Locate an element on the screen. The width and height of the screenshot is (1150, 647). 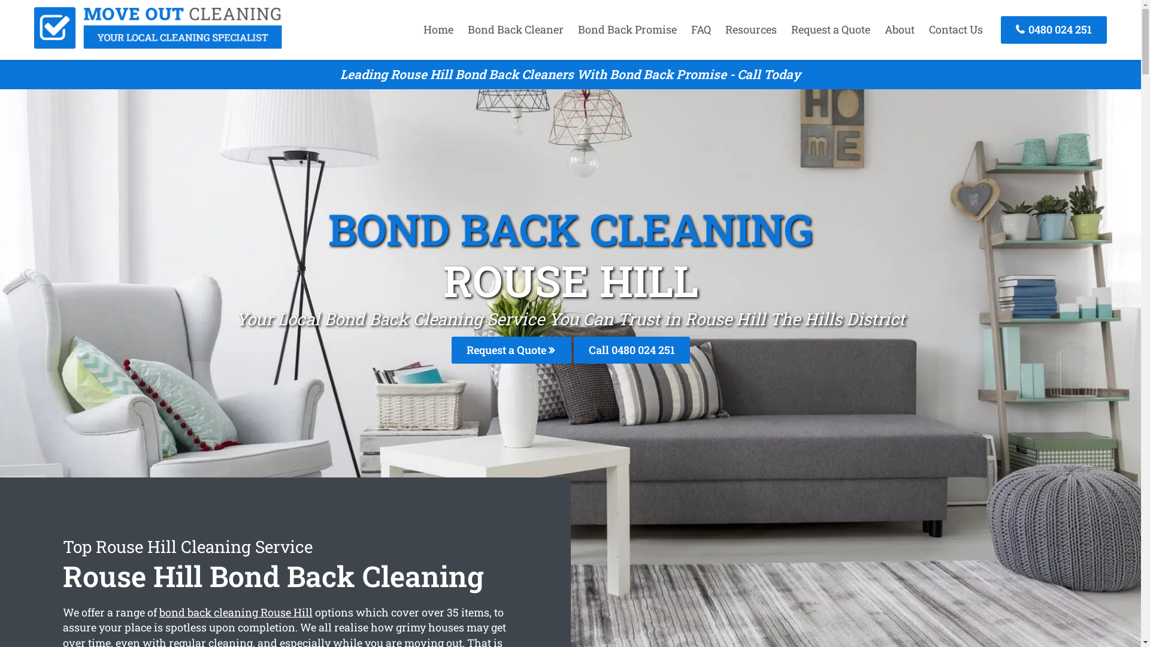
'About' is located at coordinates (900, 29).